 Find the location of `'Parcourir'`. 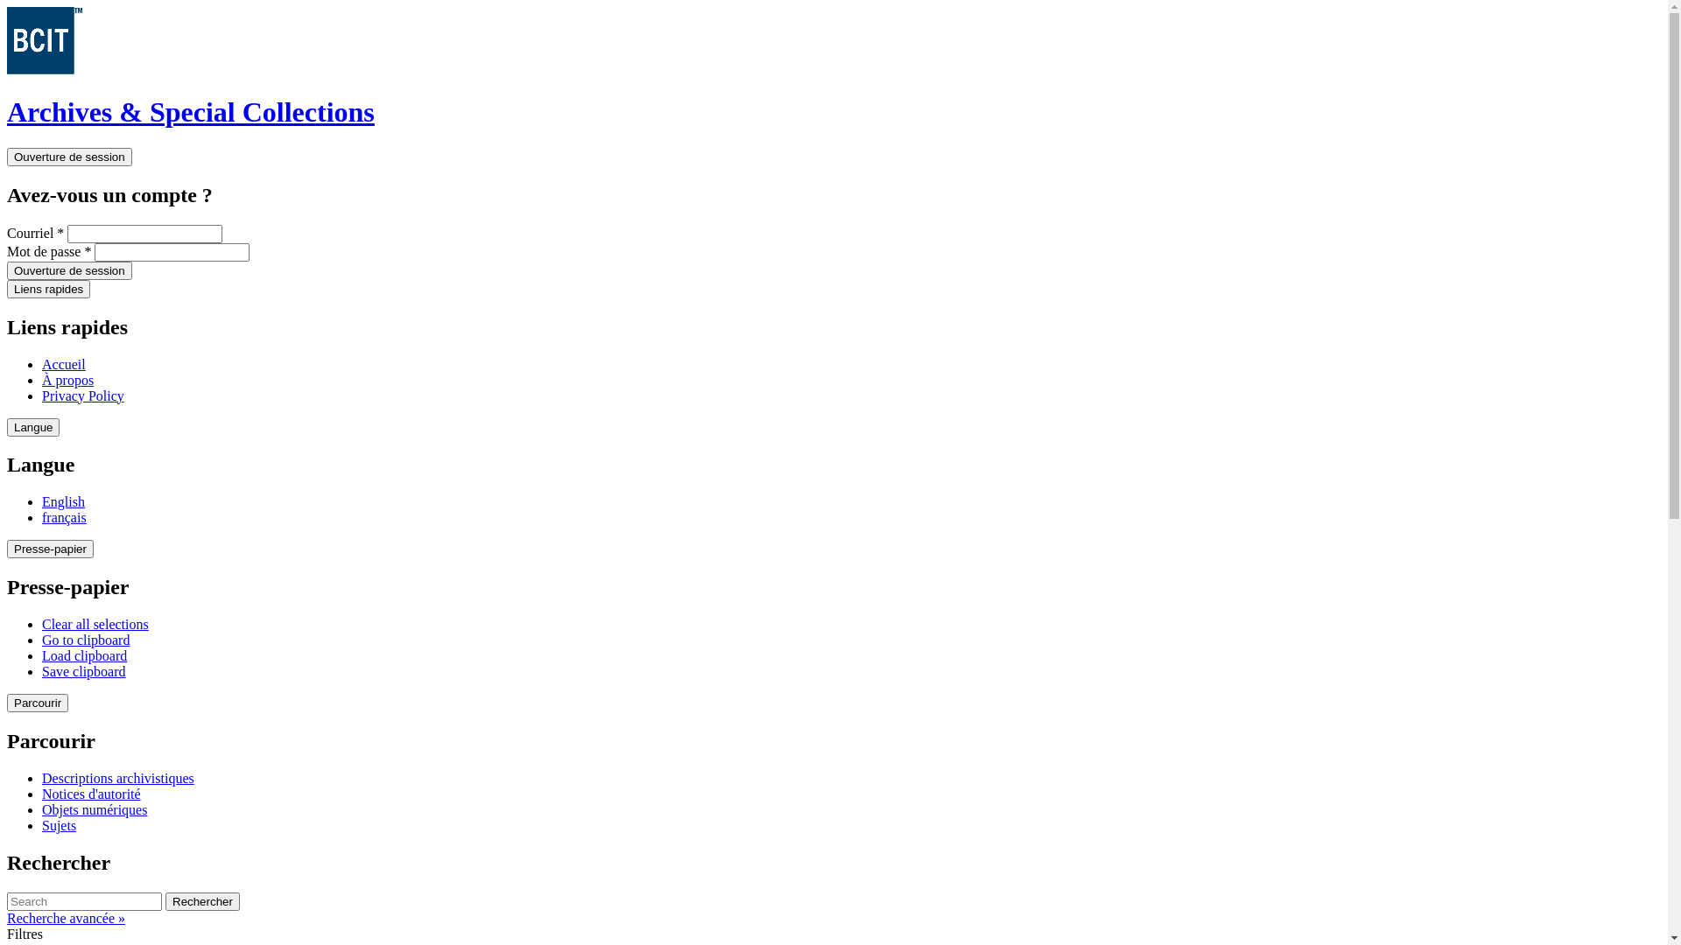

'Parcourir' is located at coordinates (38, 702).